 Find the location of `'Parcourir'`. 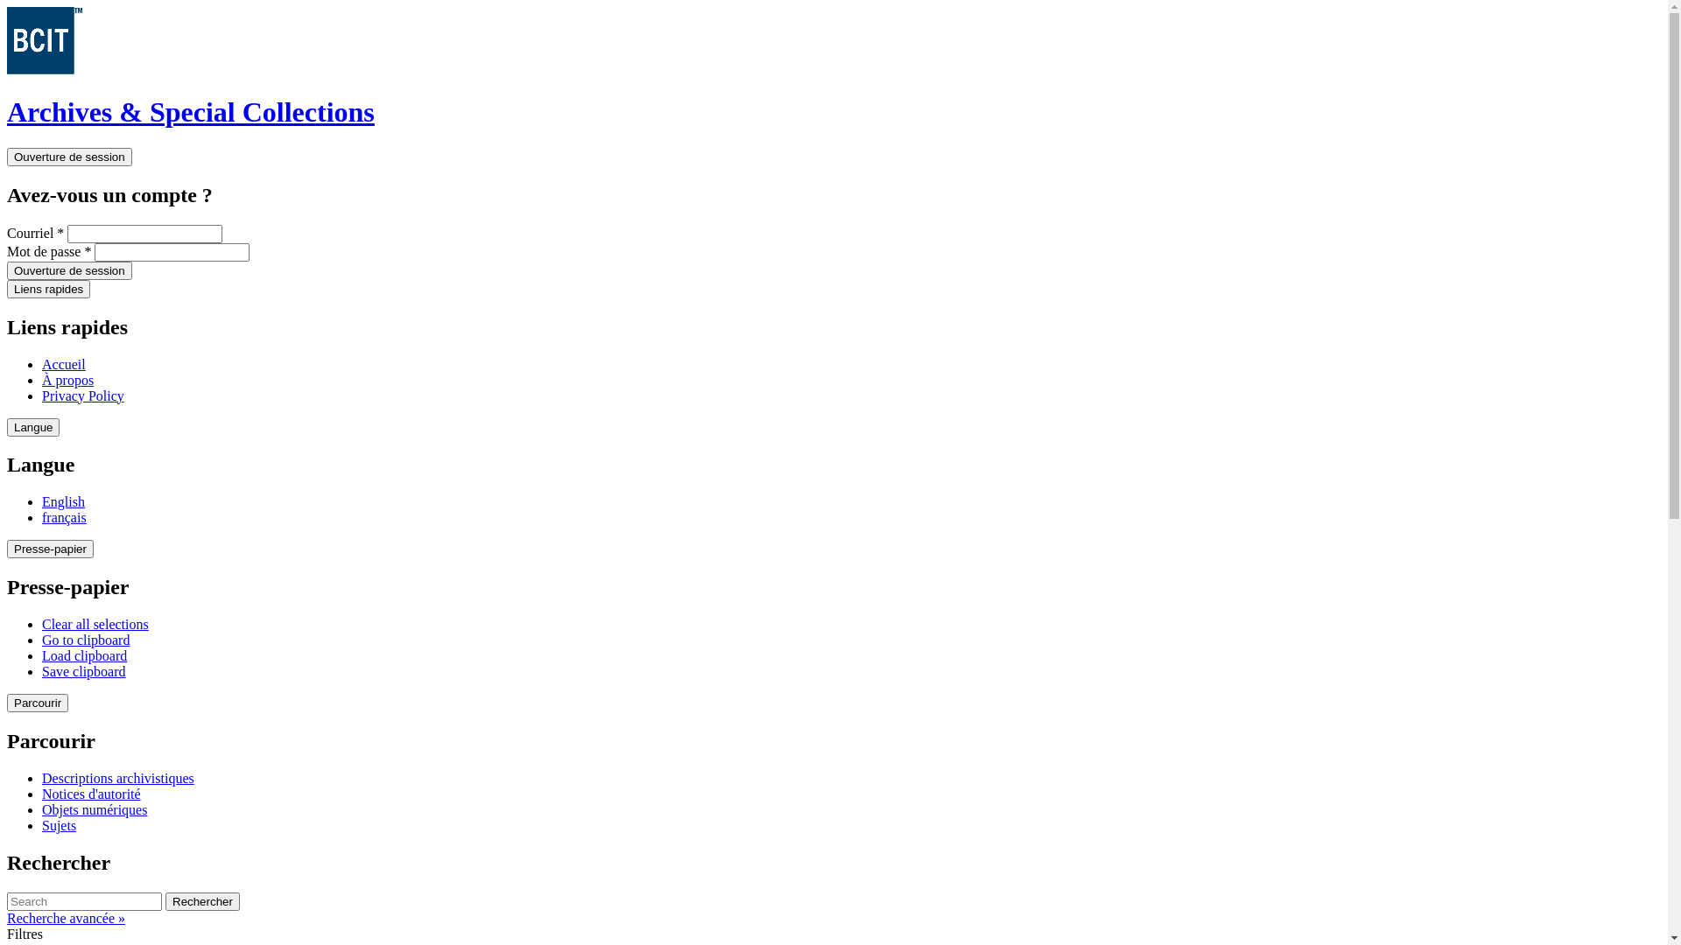

'Parcourir' is located at coordinates (38, 702).